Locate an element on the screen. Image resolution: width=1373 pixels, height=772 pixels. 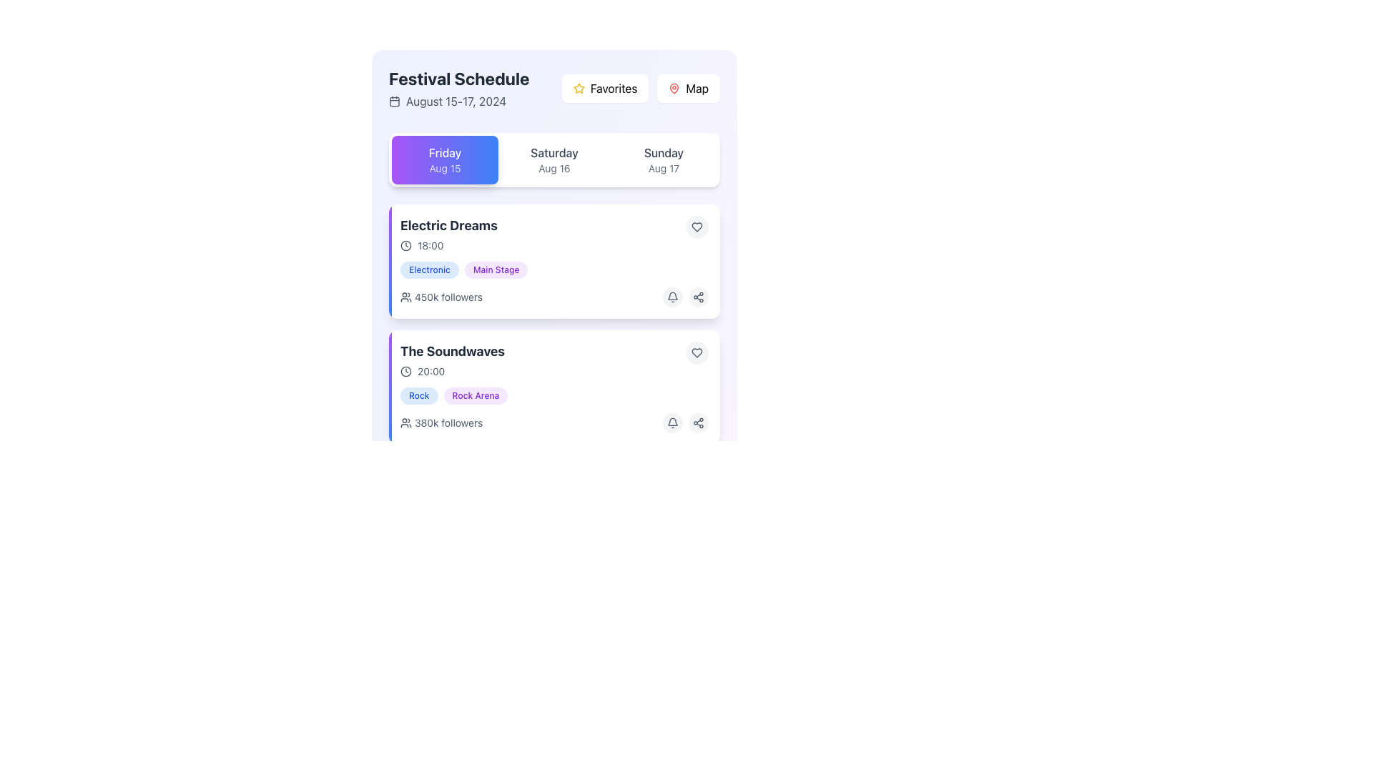
the text label reading 'Aug 16' which is centrally positioned under the 'Saturday' tab in the tab-like UI feature is located at coordinates (553, 167).